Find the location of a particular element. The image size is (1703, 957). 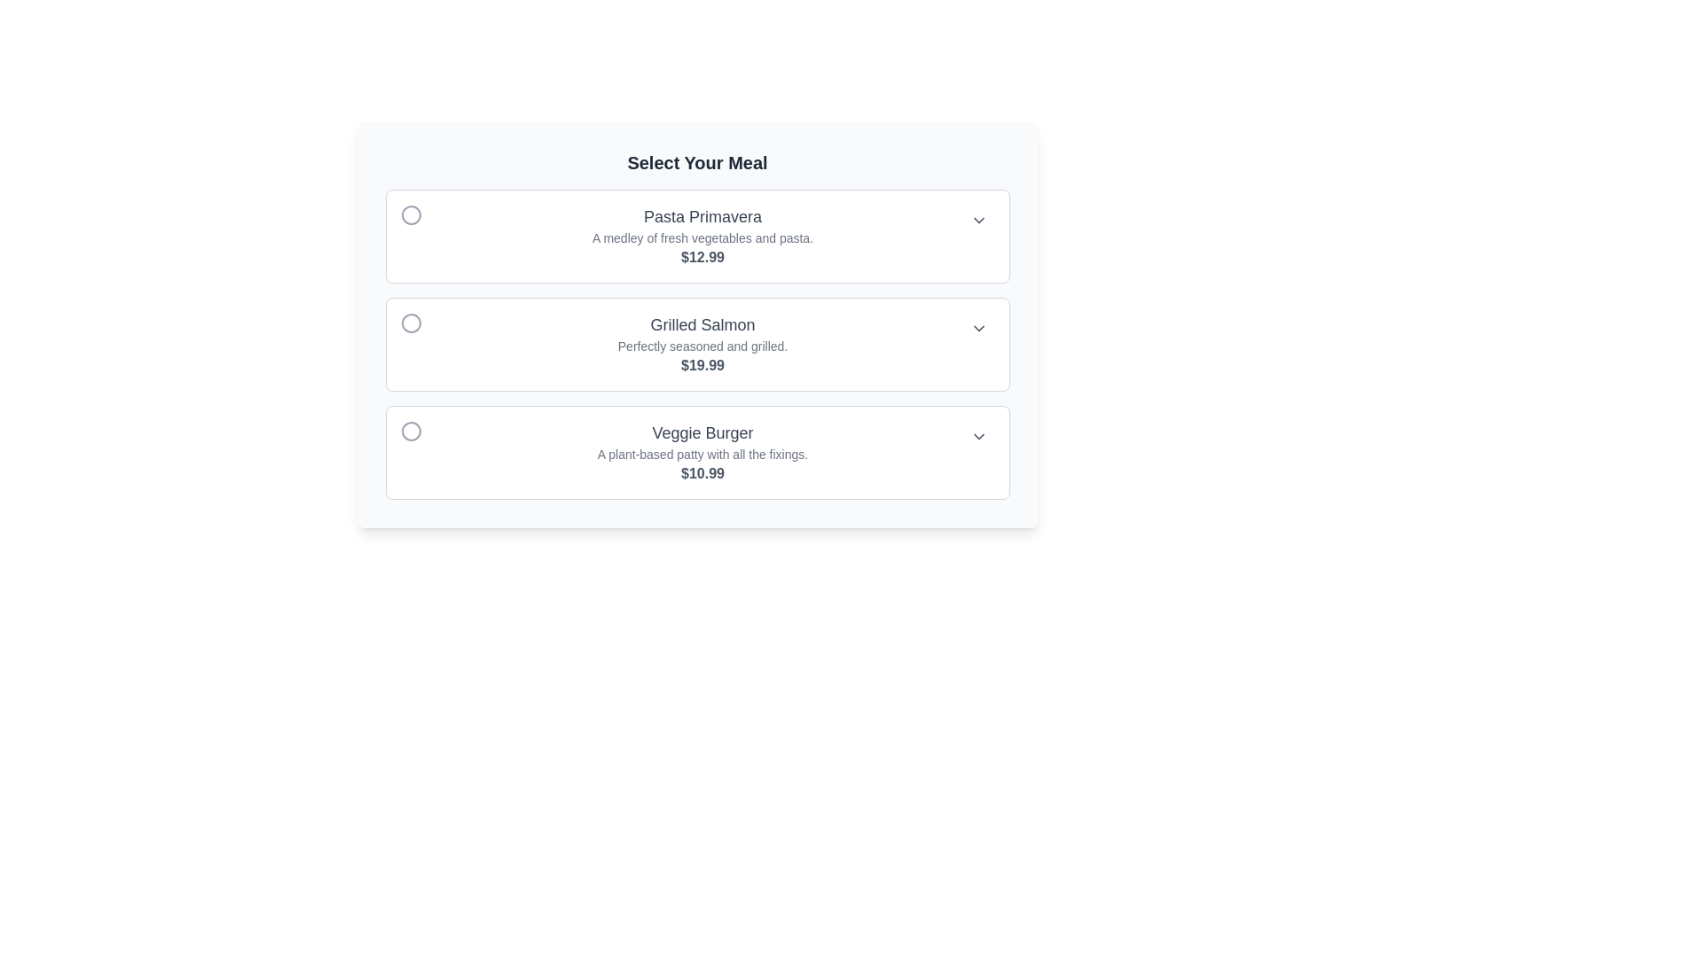

the price label displaying '$12.99' styled in gray and bold, positioned under the description of 'Pasta Primavera' is located at coordinates (702, 257).